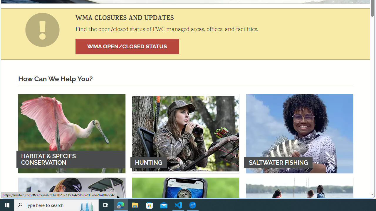  What do you see at coordinates (299, 133) in the screenshot?
I see `'SALTWATER FISHING'` at bounding box center [299, 133].